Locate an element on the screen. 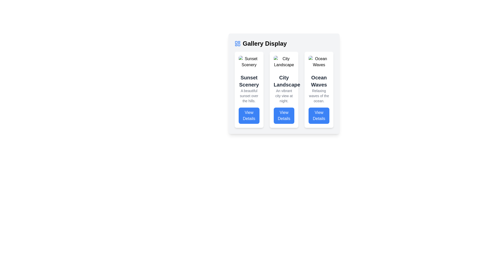 Image resolution: width=488 pixels, height=274 pixels. the 'View Details' button, which has a blue background and white text, located at the bottom of the central card among three horizontally aligned cards is located at coordinates (284, 115).